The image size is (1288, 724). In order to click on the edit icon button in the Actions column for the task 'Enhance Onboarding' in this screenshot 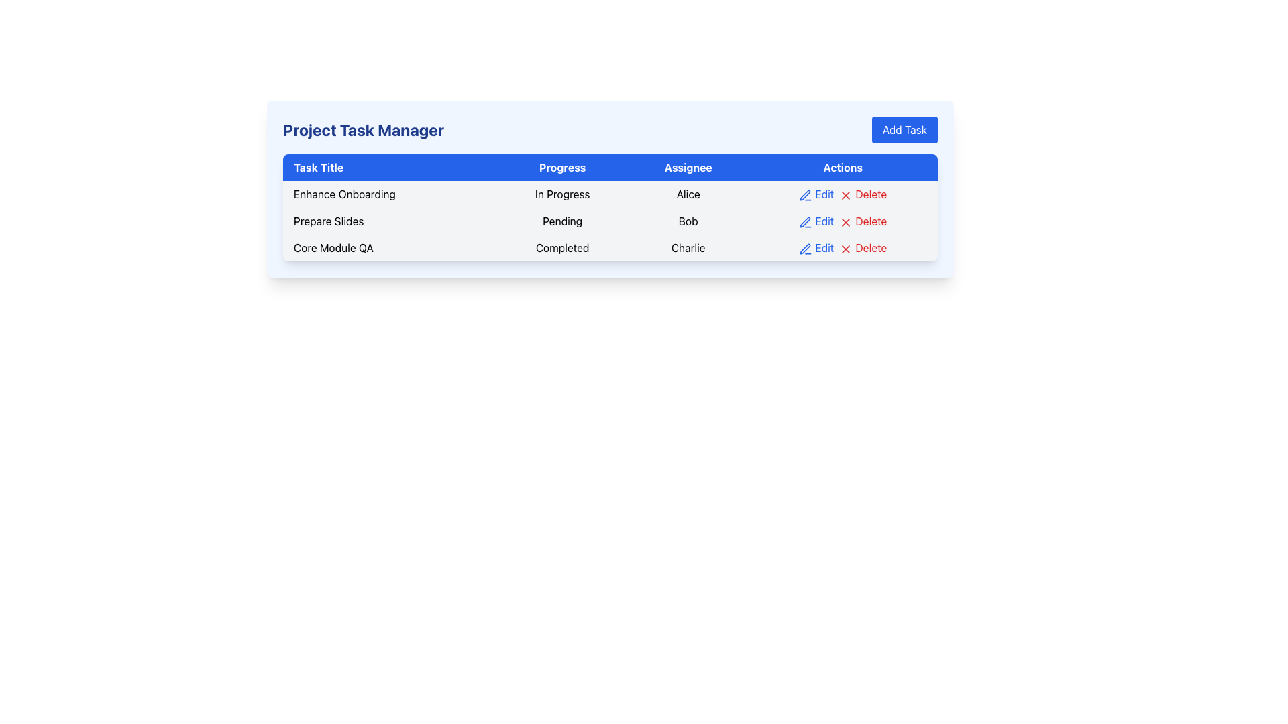, I will do `click(805, 195)`.